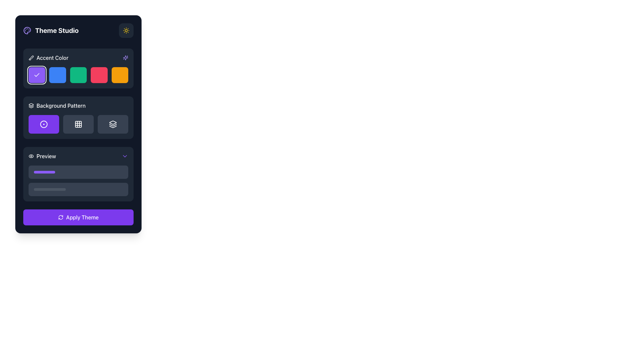  I want to click on the second icon representing a layered structure in the 'Background Pattern' section, so click(113, 125).